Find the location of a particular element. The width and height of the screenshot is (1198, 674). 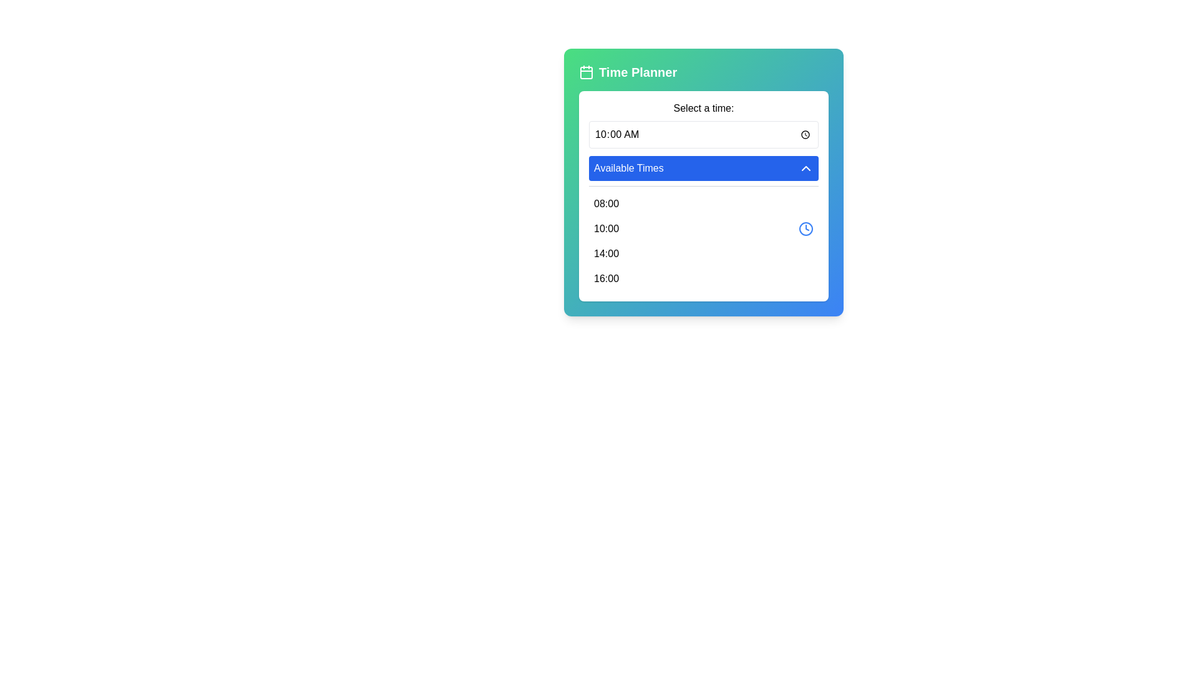

the scheduling icon located to the left of the 'Time Planner' text is located at coordinates (586, 72).